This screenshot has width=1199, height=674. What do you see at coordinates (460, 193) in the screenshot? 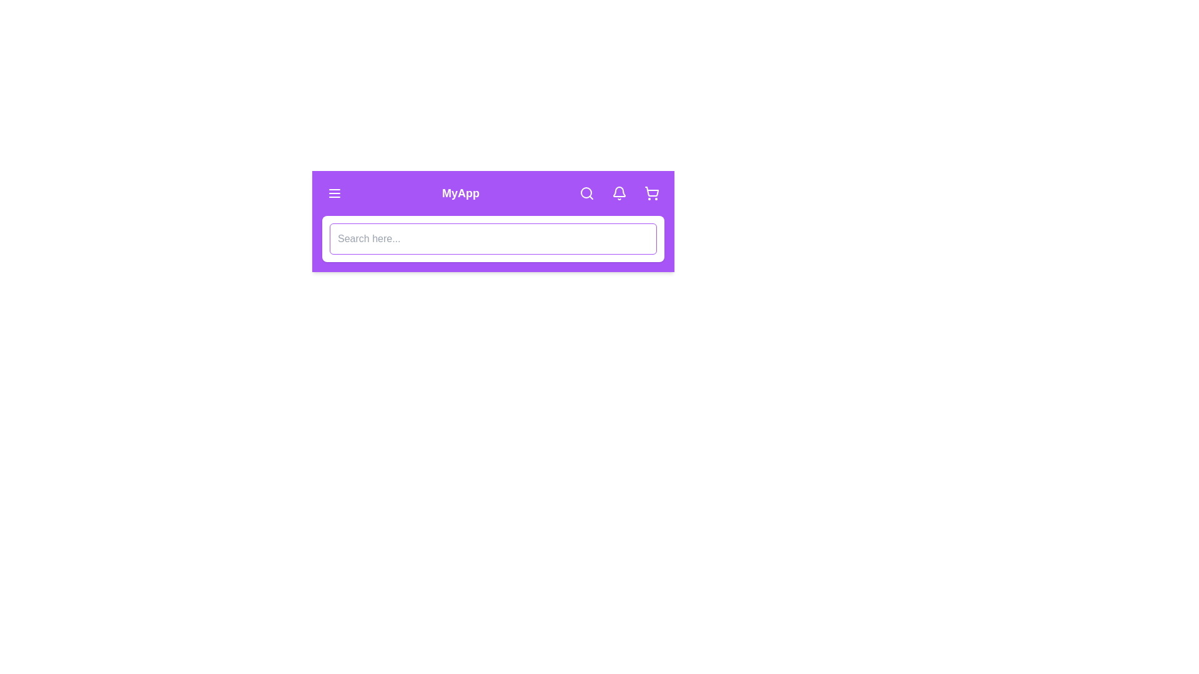
I see `the text 'MyApp'` at bounding box center [460, 193].